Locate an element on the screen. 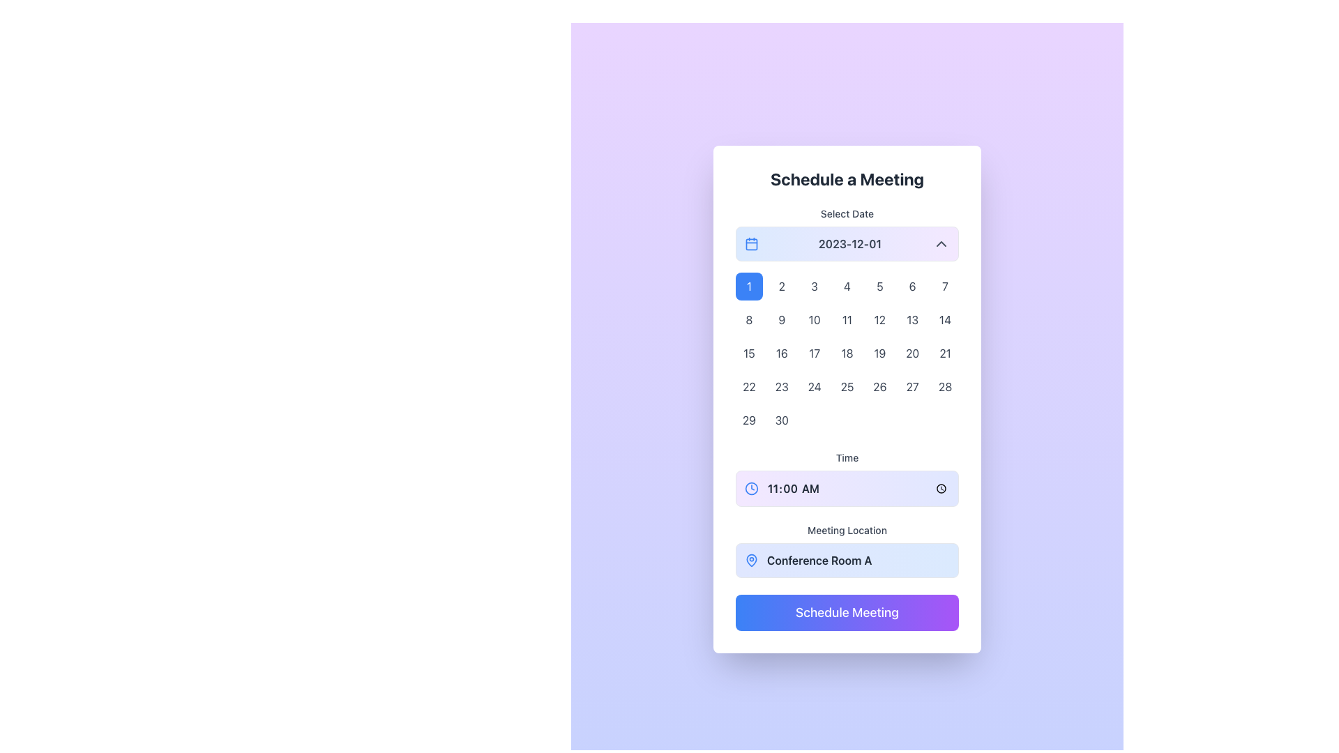 The height and width of the screenshot is (753, 1339). the 'Time' label, which is a small-sized sans-serif text in gray color, positioned centrally above the time selection input in the form is located at coordinates (846, 457).